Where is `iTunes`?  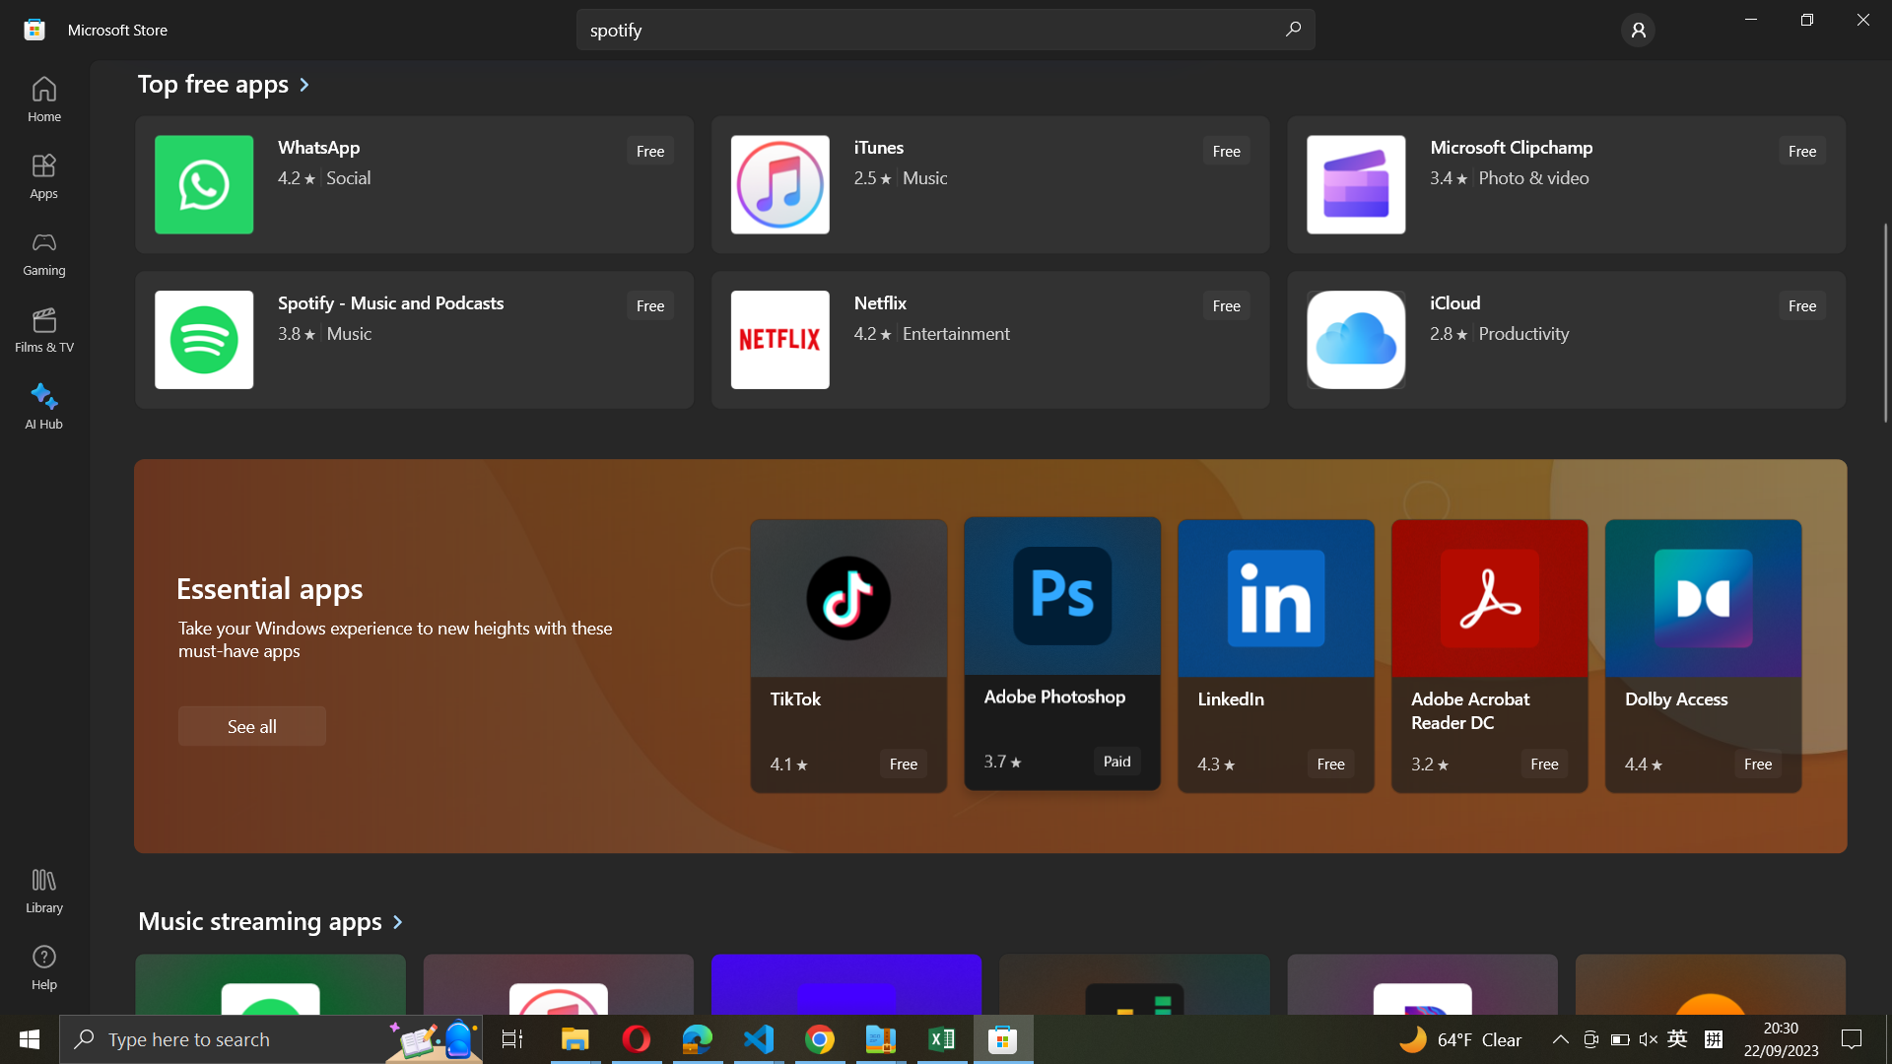
iTunes is located at coordinates (987, 186).